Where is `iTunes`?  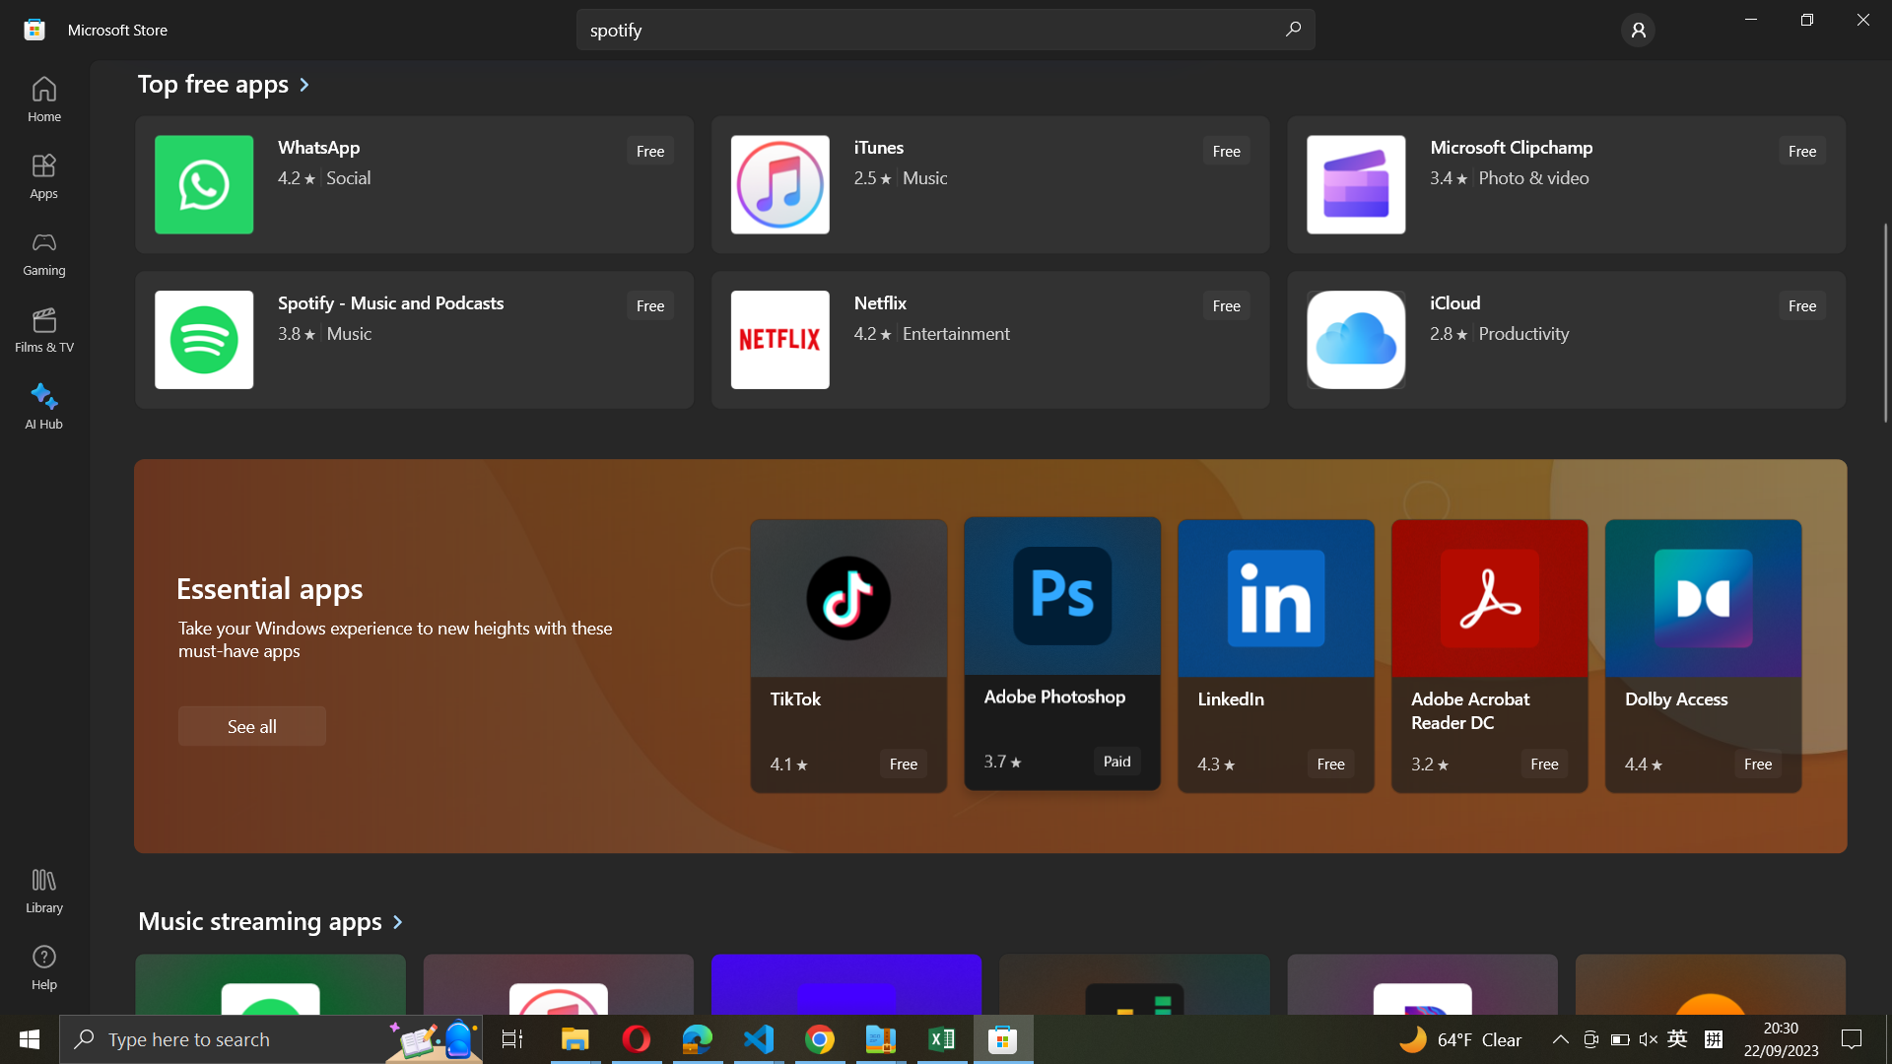
iTunes is located at coordinates (987, 186).